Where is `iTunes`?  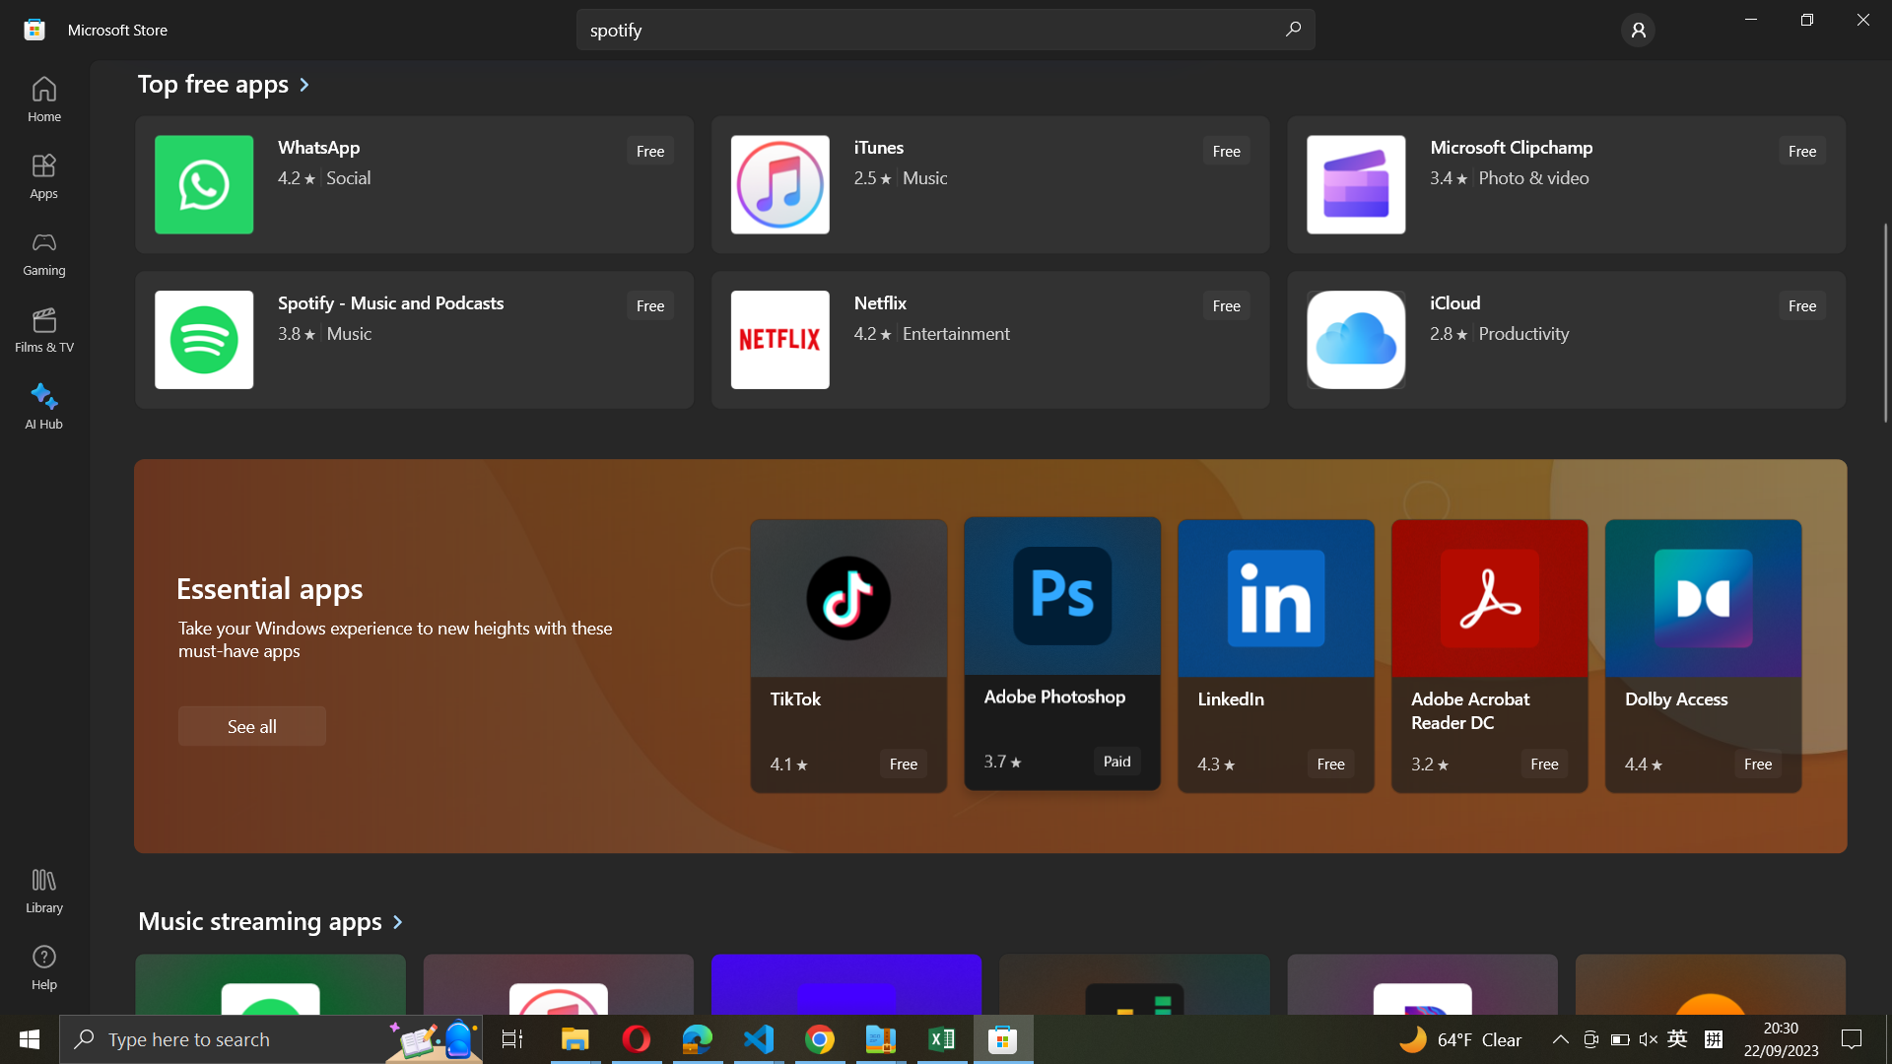
iTunes is located at coordinates (987, 186).